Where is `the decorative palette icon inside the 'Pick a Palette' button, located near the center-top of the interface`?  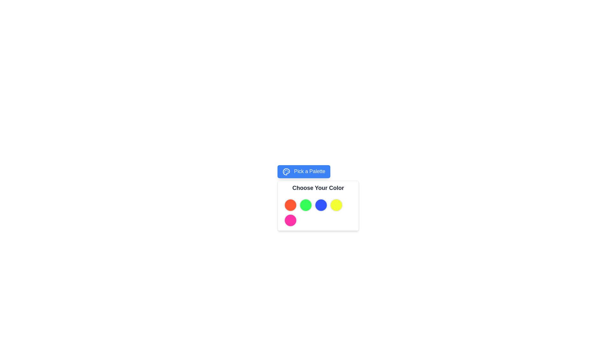
the decorative palette icon inside the 'Pick a Palette' button, located near the center-top of the interface is located at coordinates (286, 171).